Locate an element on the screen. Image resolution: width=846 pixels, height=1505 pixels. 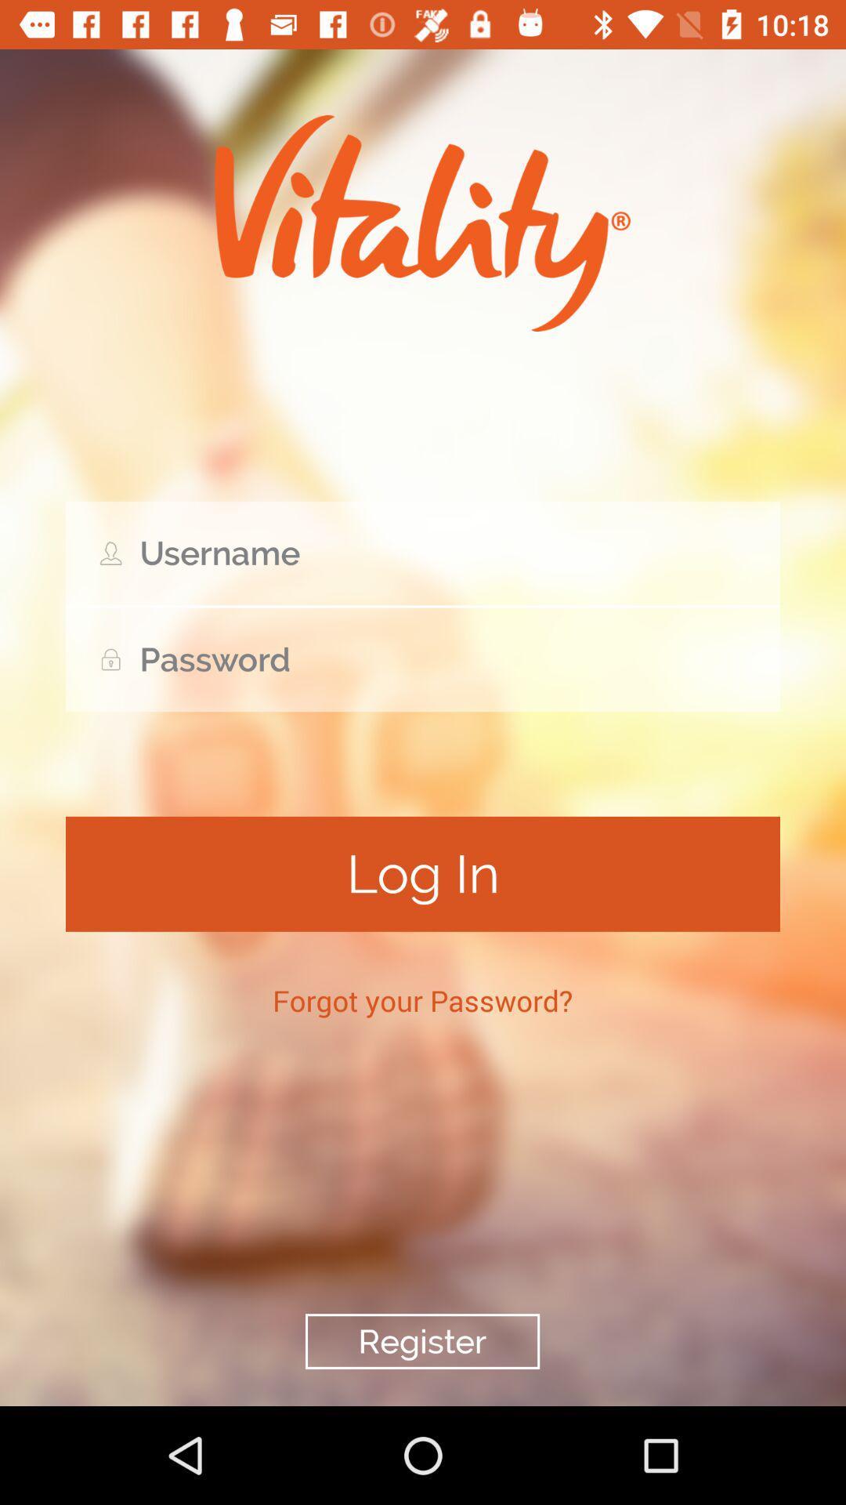
log in is located at coordinates (423, 873).